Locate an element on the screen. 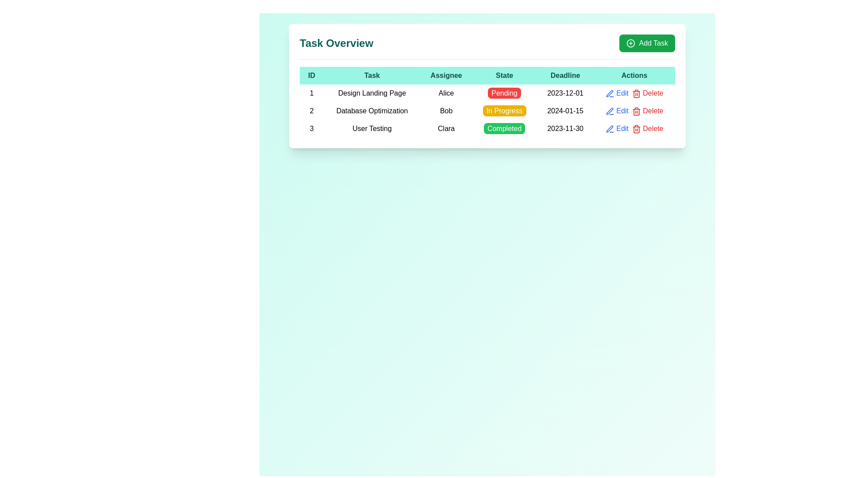 Image resolution: width=850 pixels, height=478 pixels. the blue pen icon indicating editing functionality, located next to the 'Edit' label in the 'Actions' column of the data table is located at coordinates (609, 93).